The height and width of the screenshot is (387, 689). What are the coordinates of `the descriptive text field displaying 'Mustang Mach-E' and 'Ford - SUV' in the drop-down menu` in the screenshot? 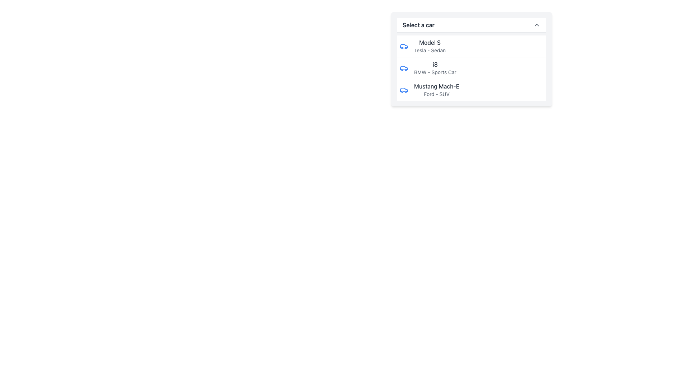 It's located at (436, 89).